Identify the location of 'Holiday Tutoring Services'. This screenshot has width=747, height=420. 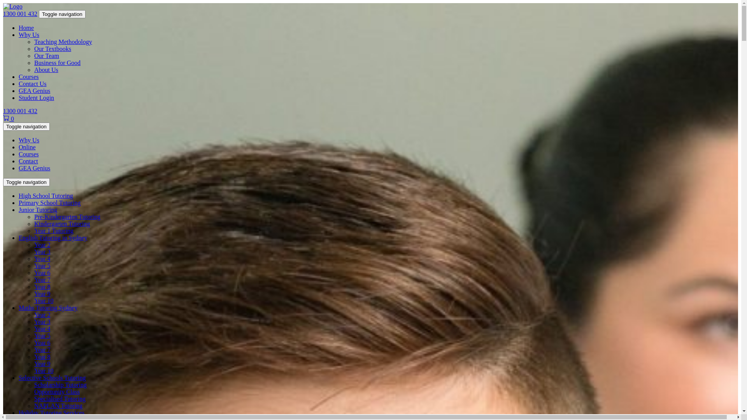
(51, 412).